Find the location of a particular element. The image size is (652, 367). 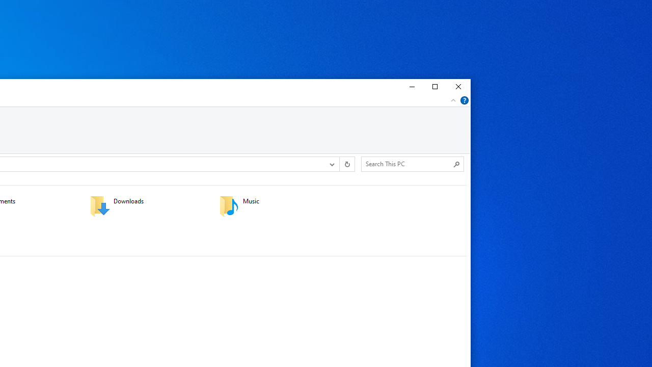

'Refresh "This PC" (F5)' is located at coordinates (346, 163).